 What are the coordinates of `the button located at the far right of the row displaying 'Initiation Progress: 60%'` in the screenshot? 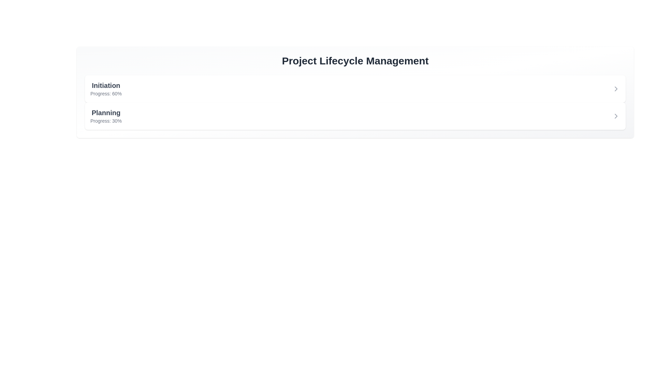 It's located at (616, 89).